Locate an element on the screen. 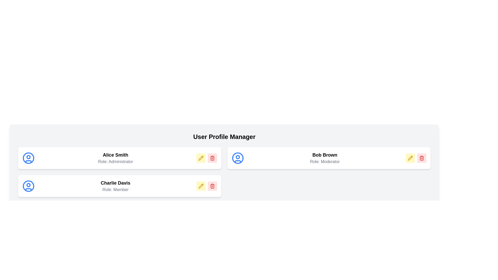 Image resolution: width=498 pixels, height=280 pixels. the pencil icon button, which represents an editing tool, located on the right side of the user 'Charlie Davis' details to initiate editing is located at coordinates (200, 186).